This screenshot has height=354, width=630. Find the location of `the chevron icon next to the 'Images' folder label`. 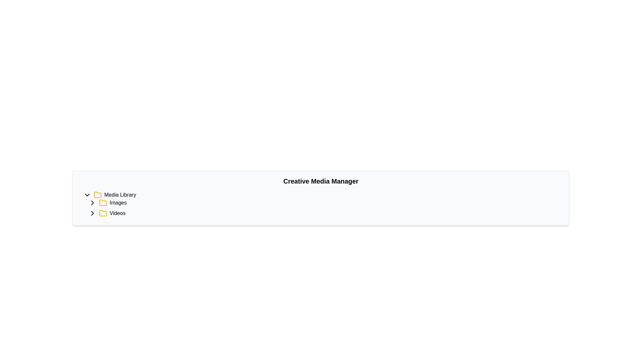

the chevron icon next to the 'Images' folder label is located at coordinates (92, 202).